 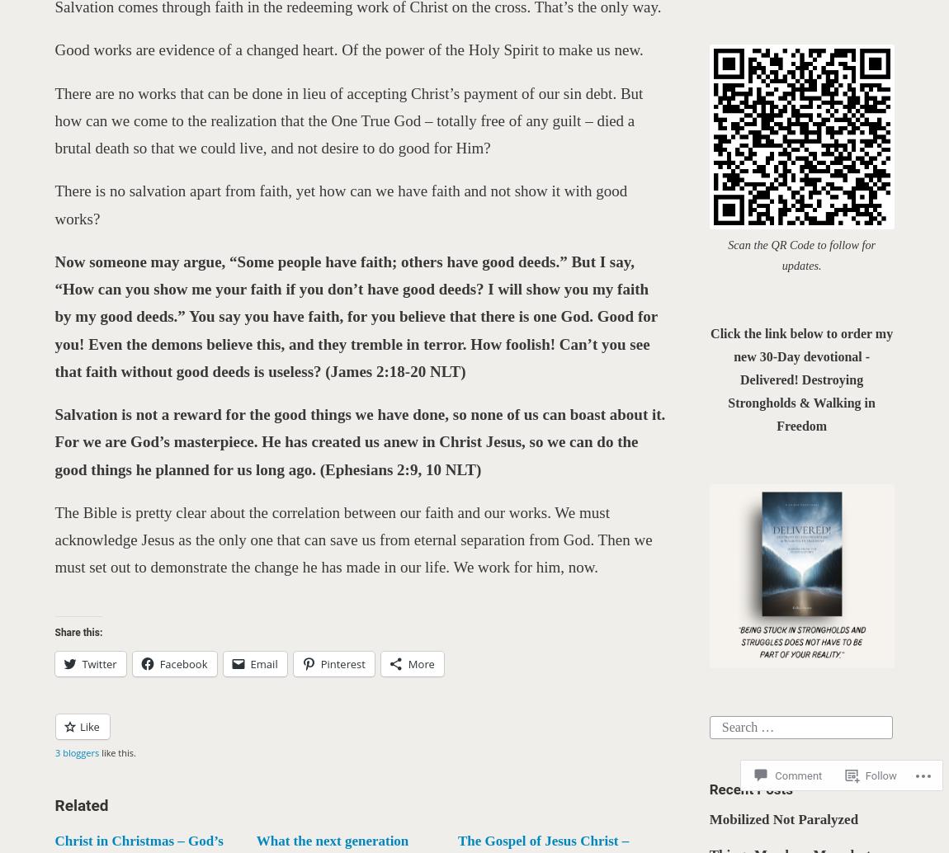 What do you see at coordinates (353, 540) in the screenshot?
I see `'The Bible is pretty clear about the correlation between our faith and our works. We must acknowledge Jesus as the only one that can save us from eternal separation from God. Then we must set out to demonstrate the change he has made in our life. We work for him, now.'` at bounding box center [353, 540].